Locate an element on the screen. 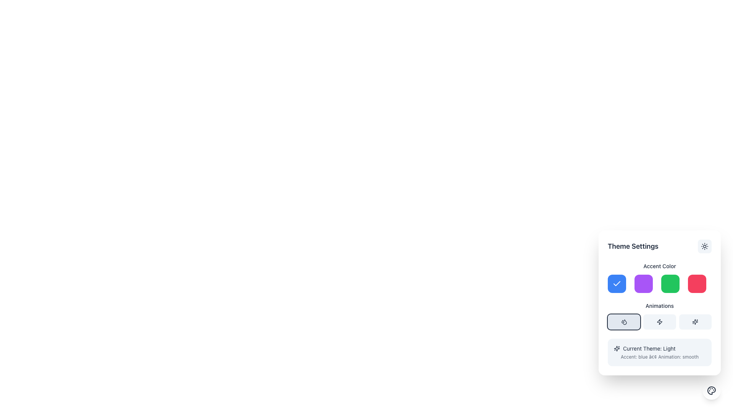  the 'Theme Settings' heading, which is styled with bold text and is located at the top-left section of the settings panel is located at coordinates (633, 246).